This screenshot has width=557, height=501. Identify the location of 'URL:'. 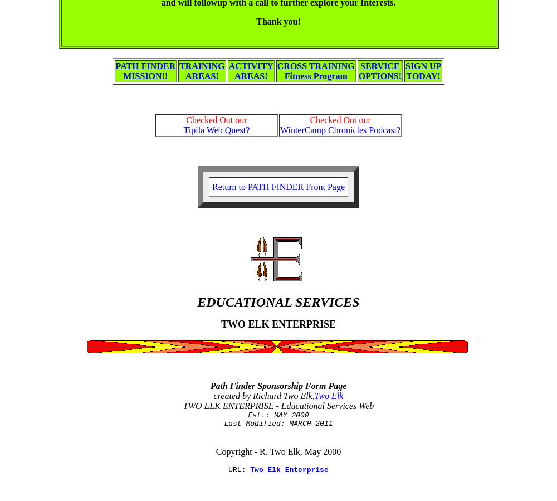
(239, 470).